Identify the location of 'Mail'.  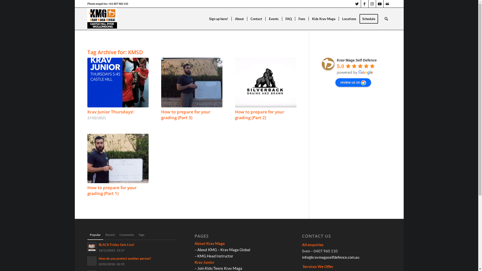
(387, 4).